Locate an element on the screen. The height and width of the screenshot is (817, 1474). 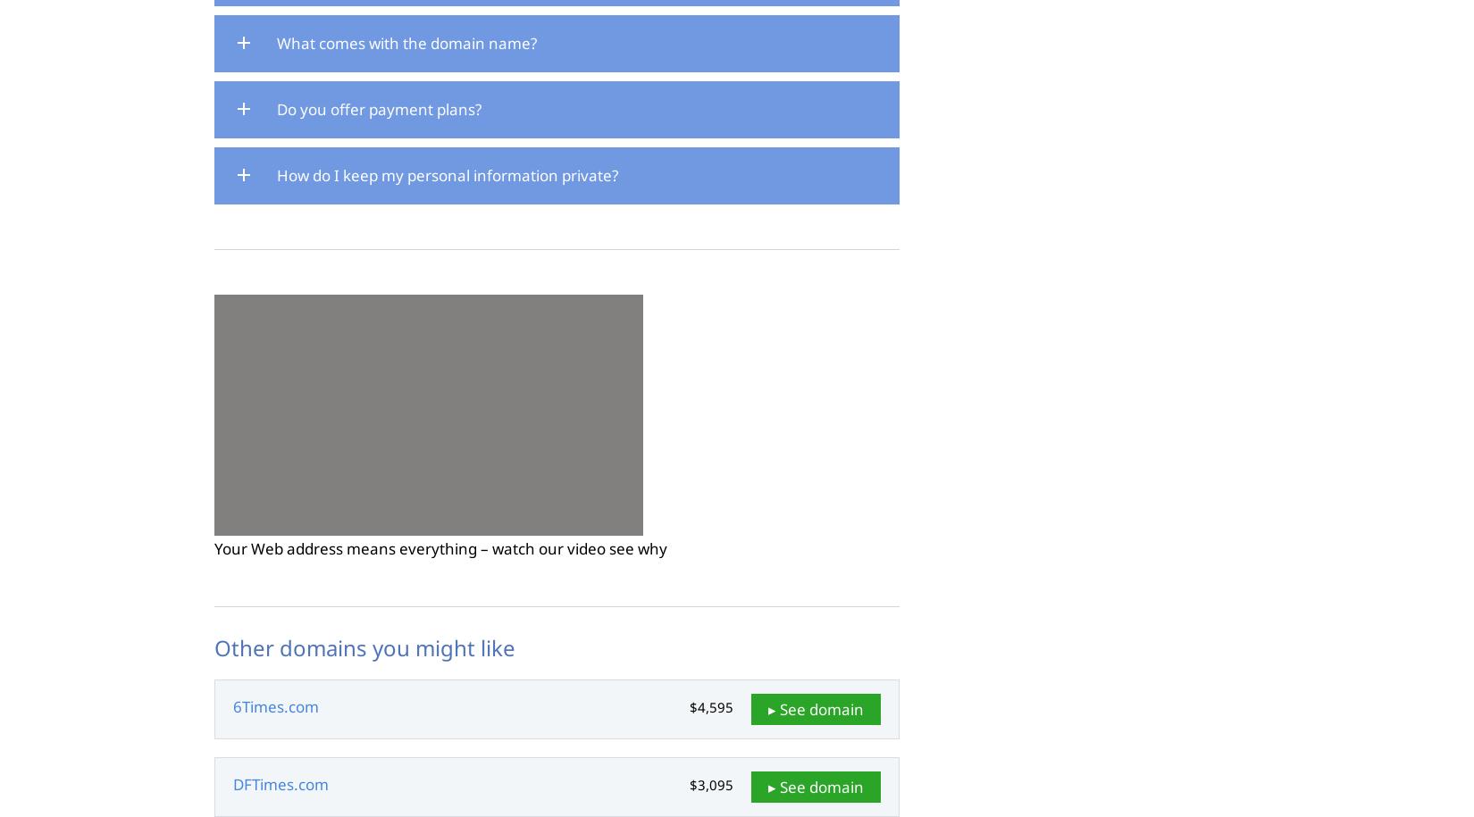
'How do I keep my personal information private?' is located at coordinates (446, 173).